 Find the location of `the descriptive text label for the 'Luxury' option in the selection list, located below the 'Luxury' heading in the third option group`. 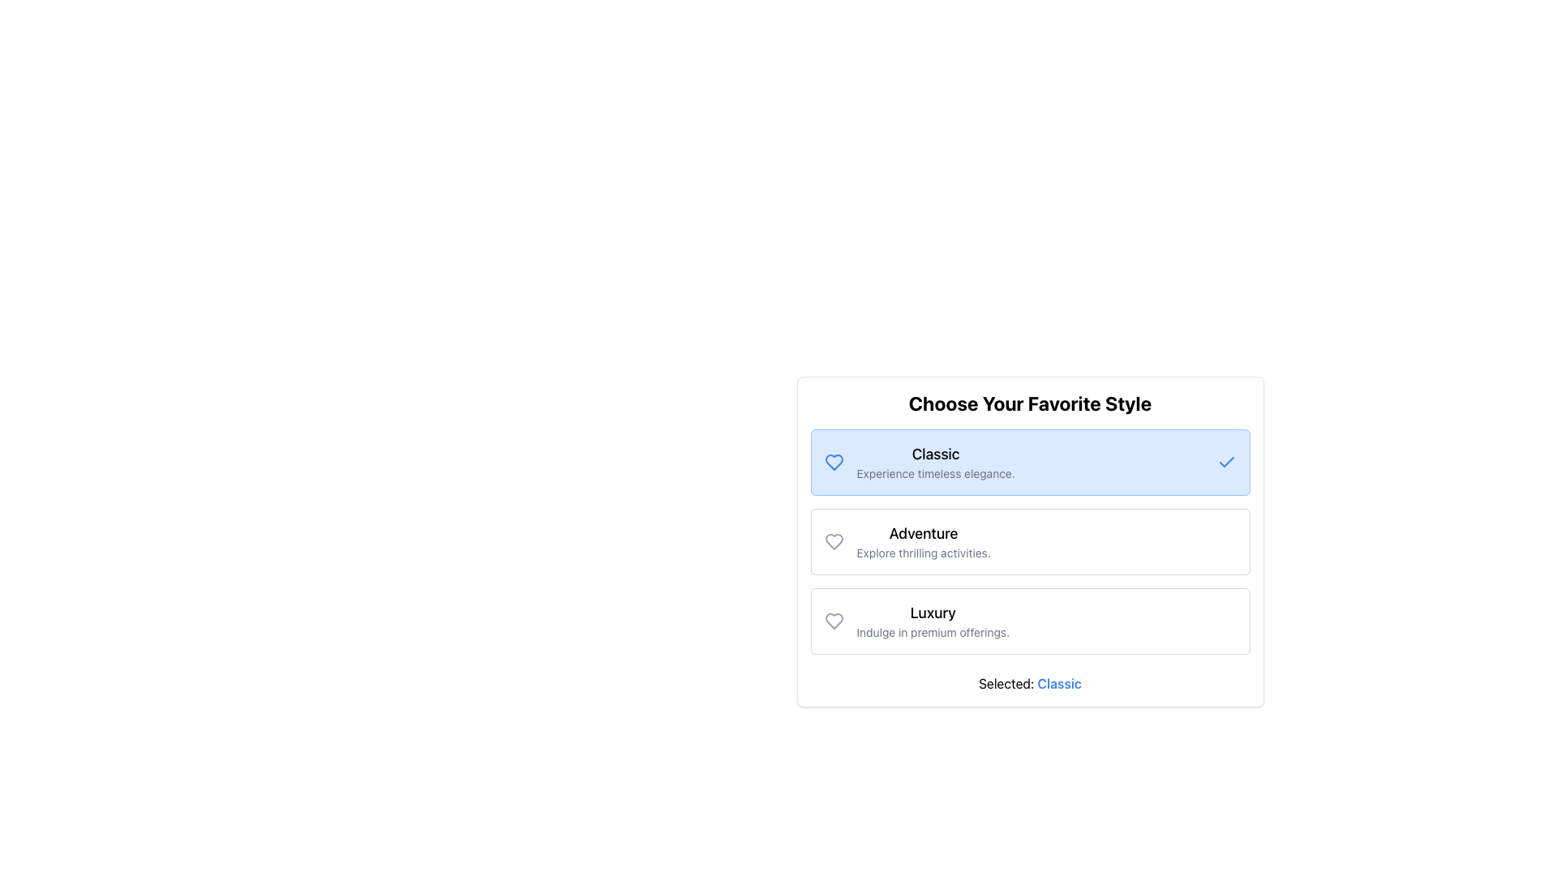

the descriptive text label for the 'Luxury' option in the selection list, located below the 'Luxury' heading in the third option group is located at coordinates (933, 631).